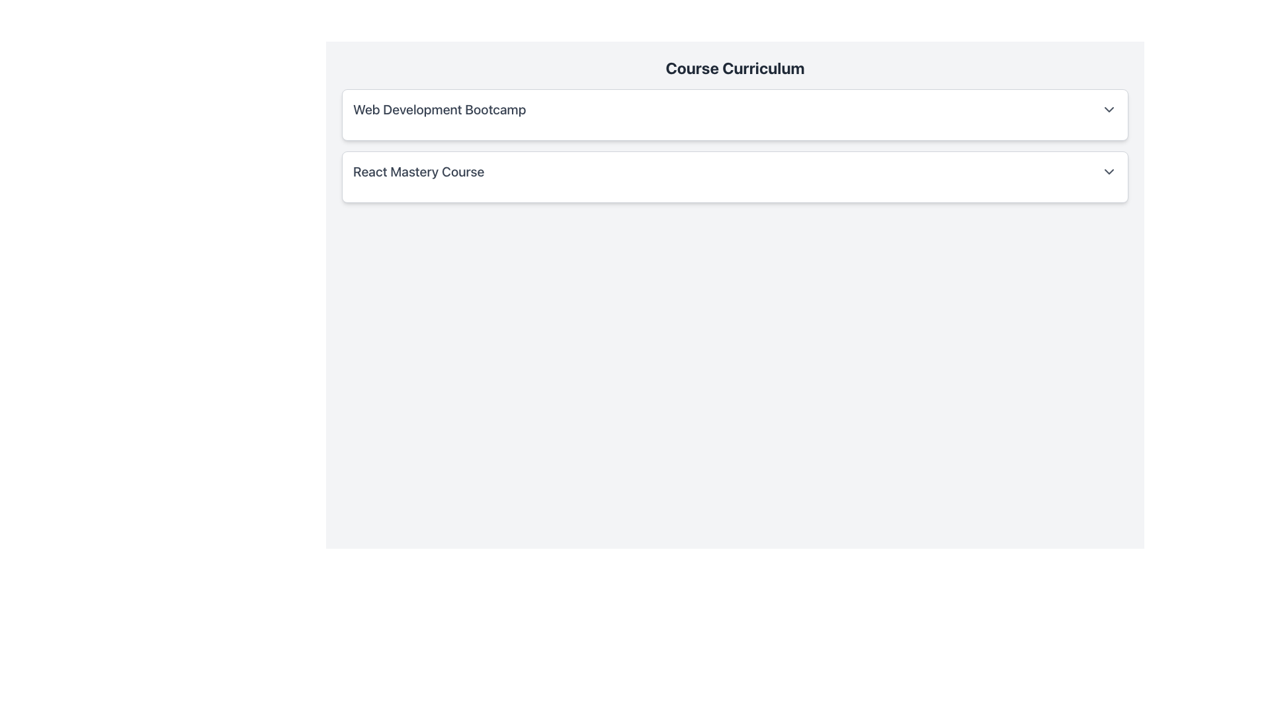 This screenshot has width=1270, height=714. I want to click on the Dropdown Card representing the 'Web Development Bootcamp' course, so click(734, 114).